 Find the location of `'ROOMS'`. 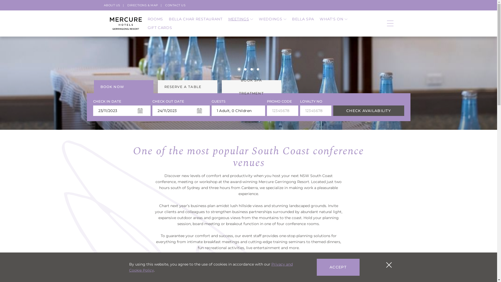

'ROOMS' is located at coordinates (155, 19).